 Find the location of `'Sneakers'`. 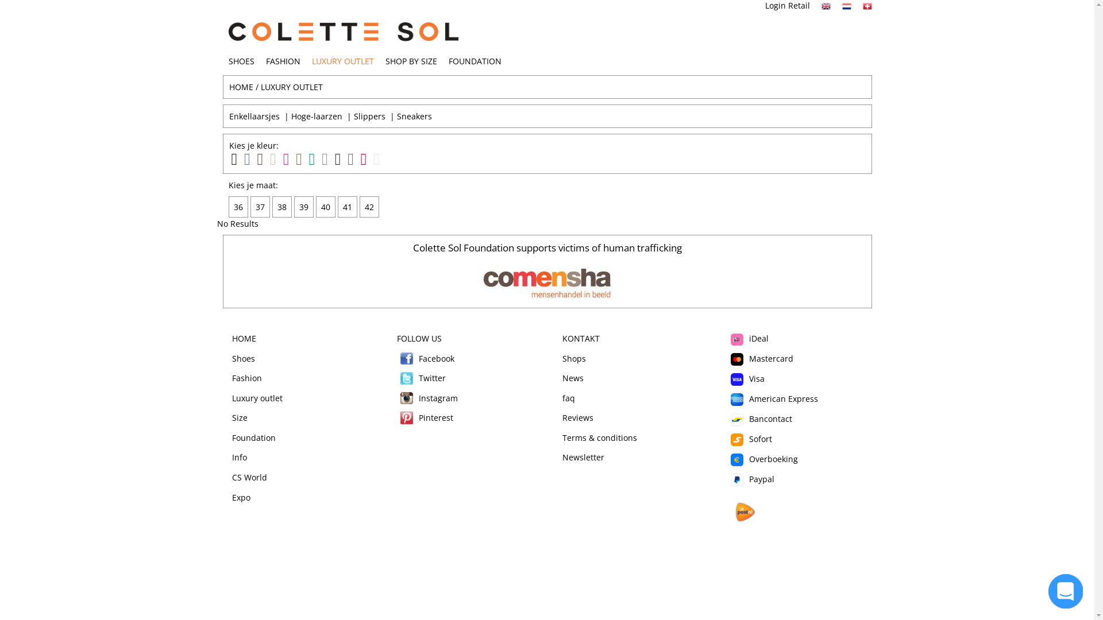

'Sneakers' is located at coordinates (396, 116).